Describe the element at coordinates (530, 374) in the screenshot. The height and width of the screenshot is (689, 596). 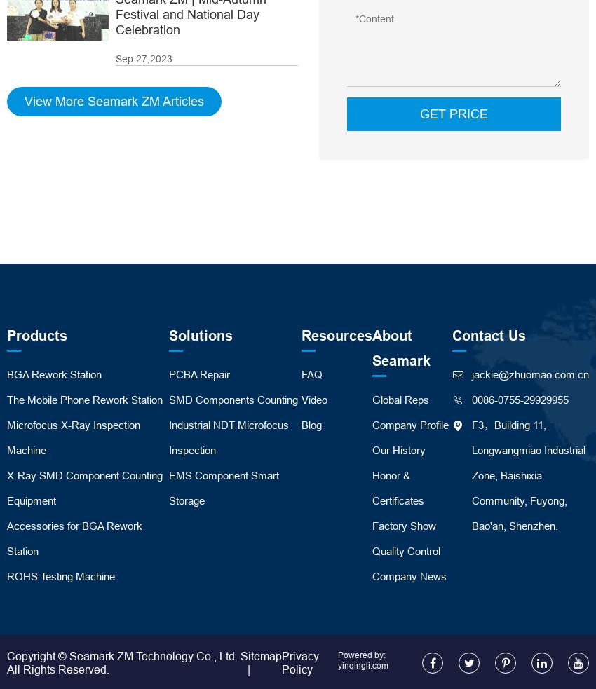
I see `'jackie@zhuomao.com.cn'` at that location.